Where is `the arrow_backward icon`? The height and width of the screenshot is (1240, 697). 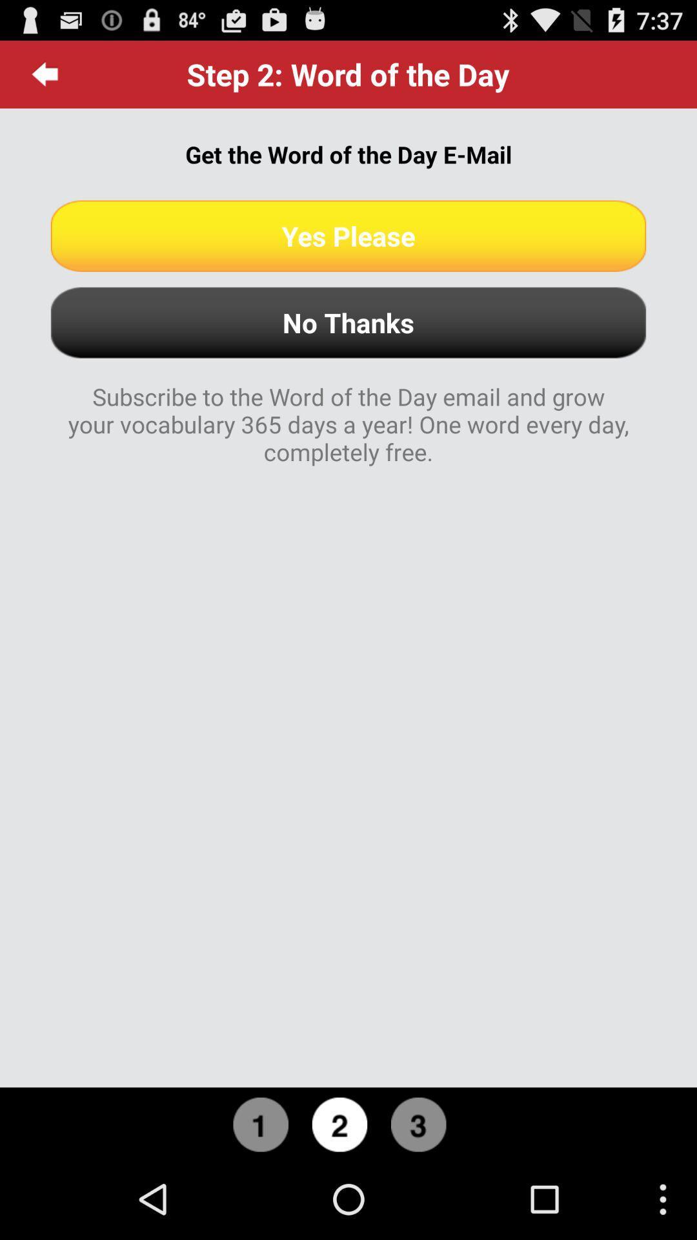
the arrow_backward icon is located at coordinates (45, 79).